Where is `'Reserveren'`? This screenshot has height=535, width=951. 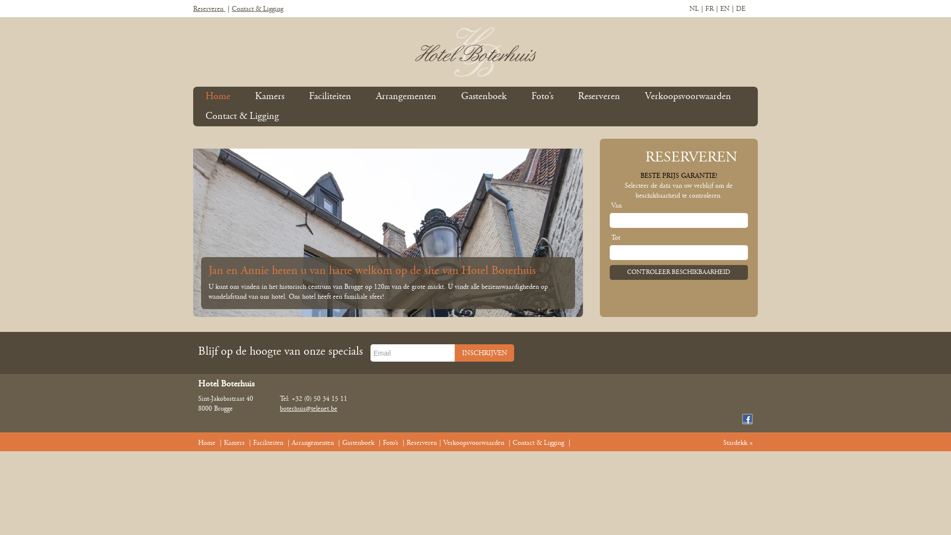
'Reserveren' is located at coordinates (209, 9).